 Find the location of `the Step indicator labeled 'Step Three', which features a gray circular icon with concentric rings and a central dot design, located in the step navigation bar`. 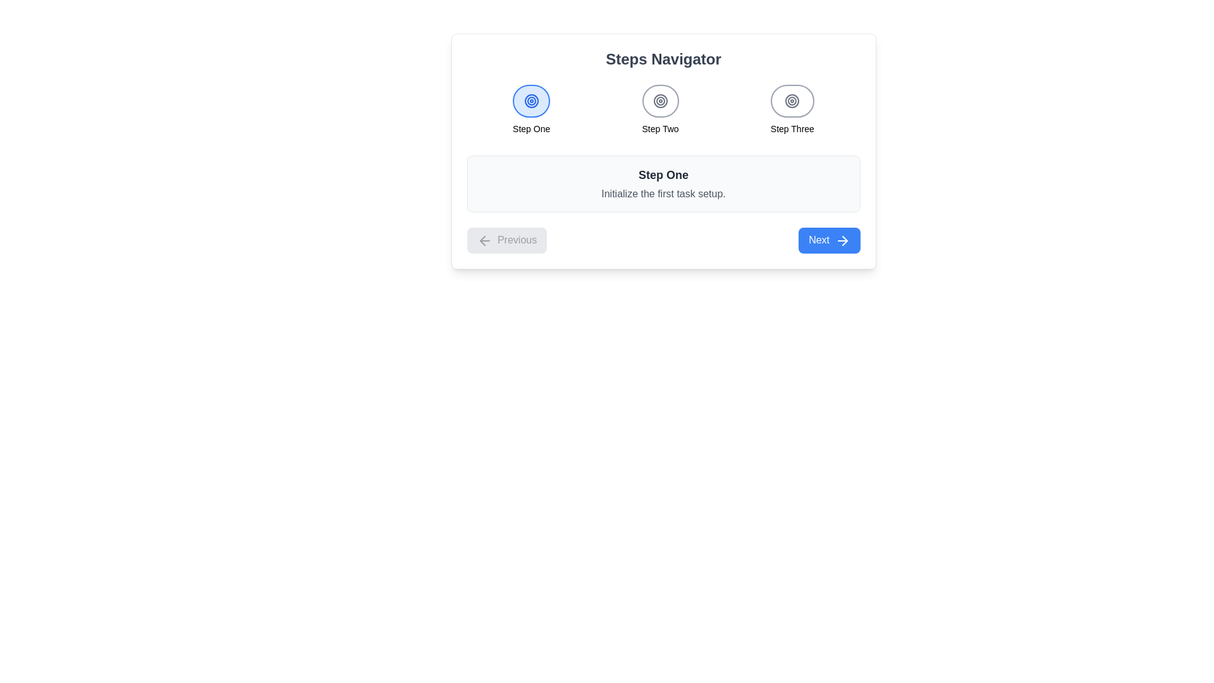

the Step indicator labeled 'Step Three', which features a gray circular icon with concentric rings and a central dot design, located in the step navigation bar is located at coordinates (792, 109).